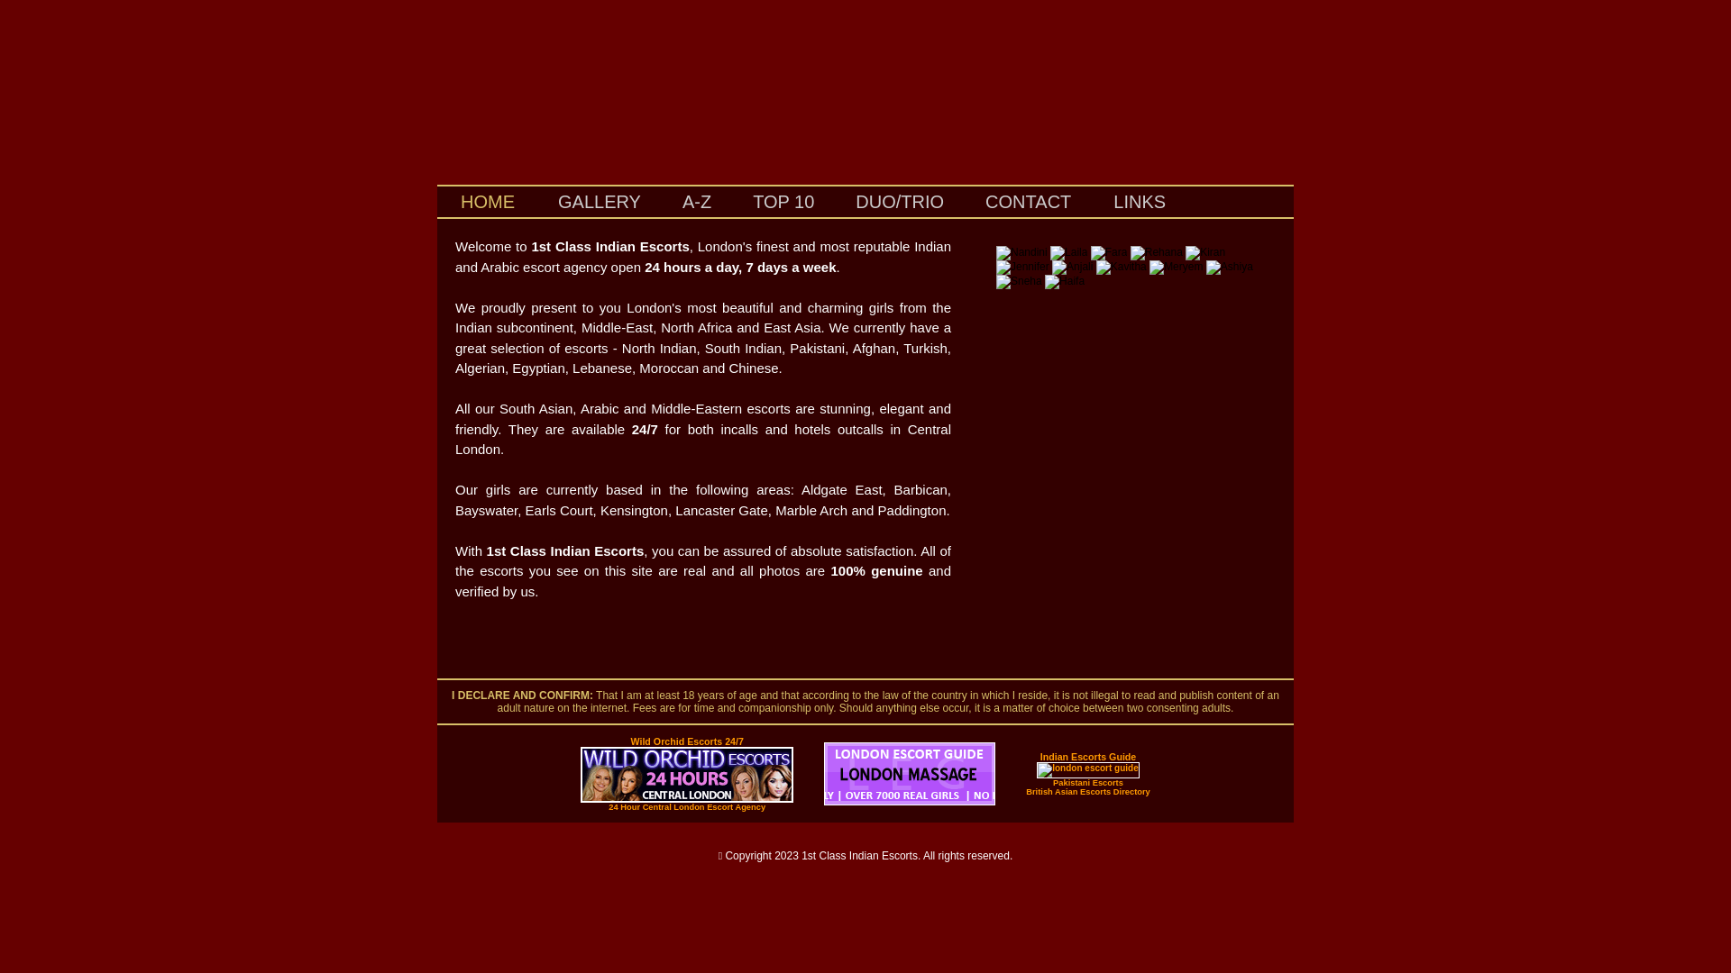  I want to click on 'GALLERY', so click(599, 203).